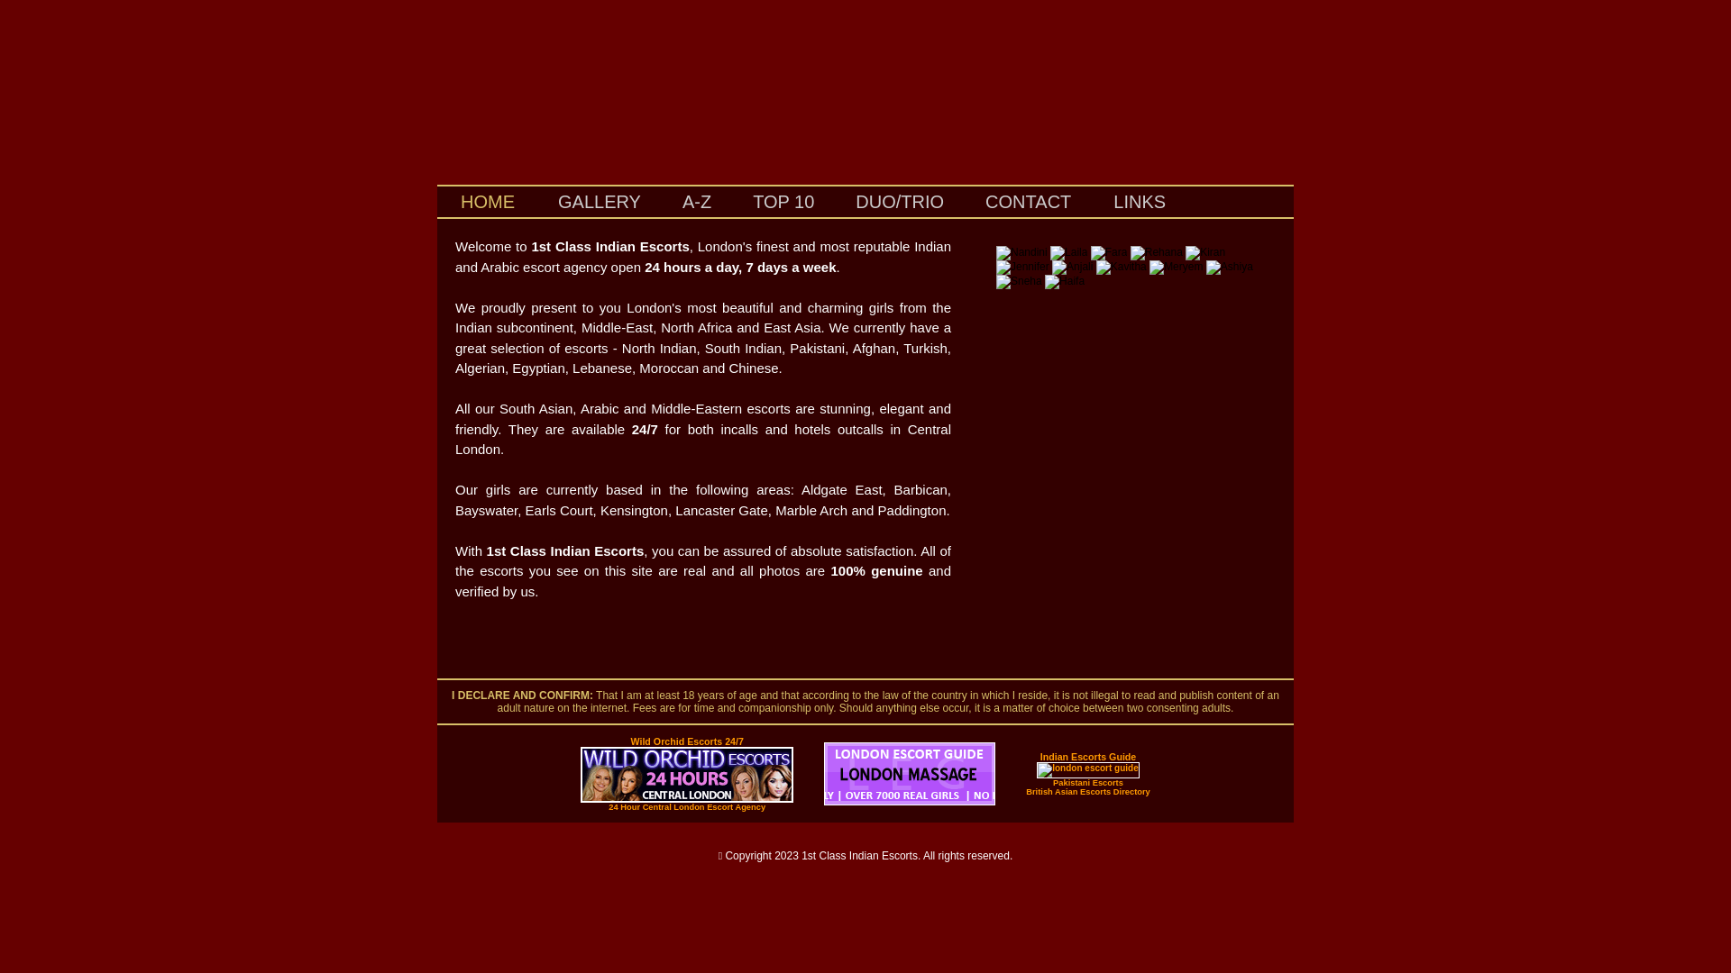  I want to click on 'GALLERY', so click(599, 203).